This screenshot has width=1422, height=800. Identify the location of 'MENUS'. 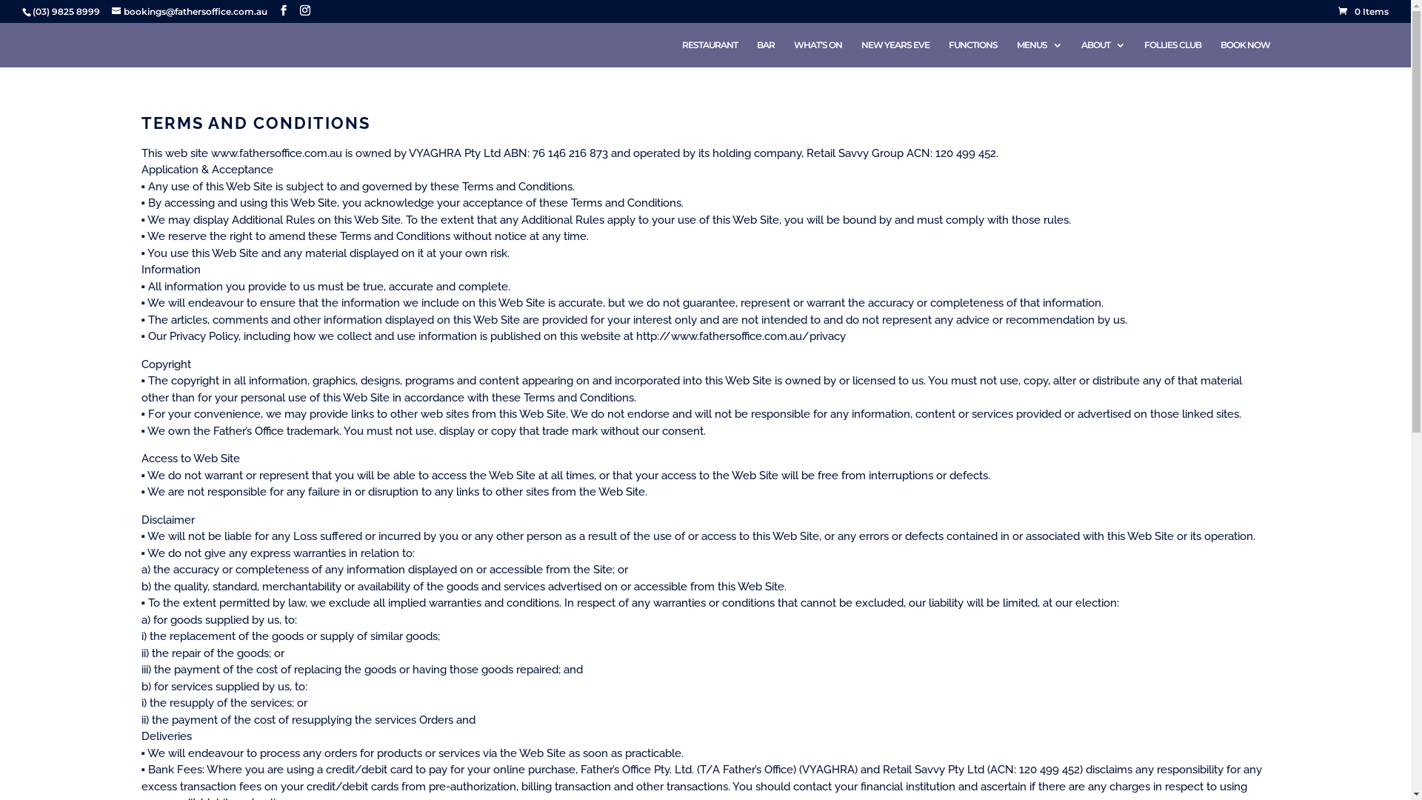
(1038, 53).